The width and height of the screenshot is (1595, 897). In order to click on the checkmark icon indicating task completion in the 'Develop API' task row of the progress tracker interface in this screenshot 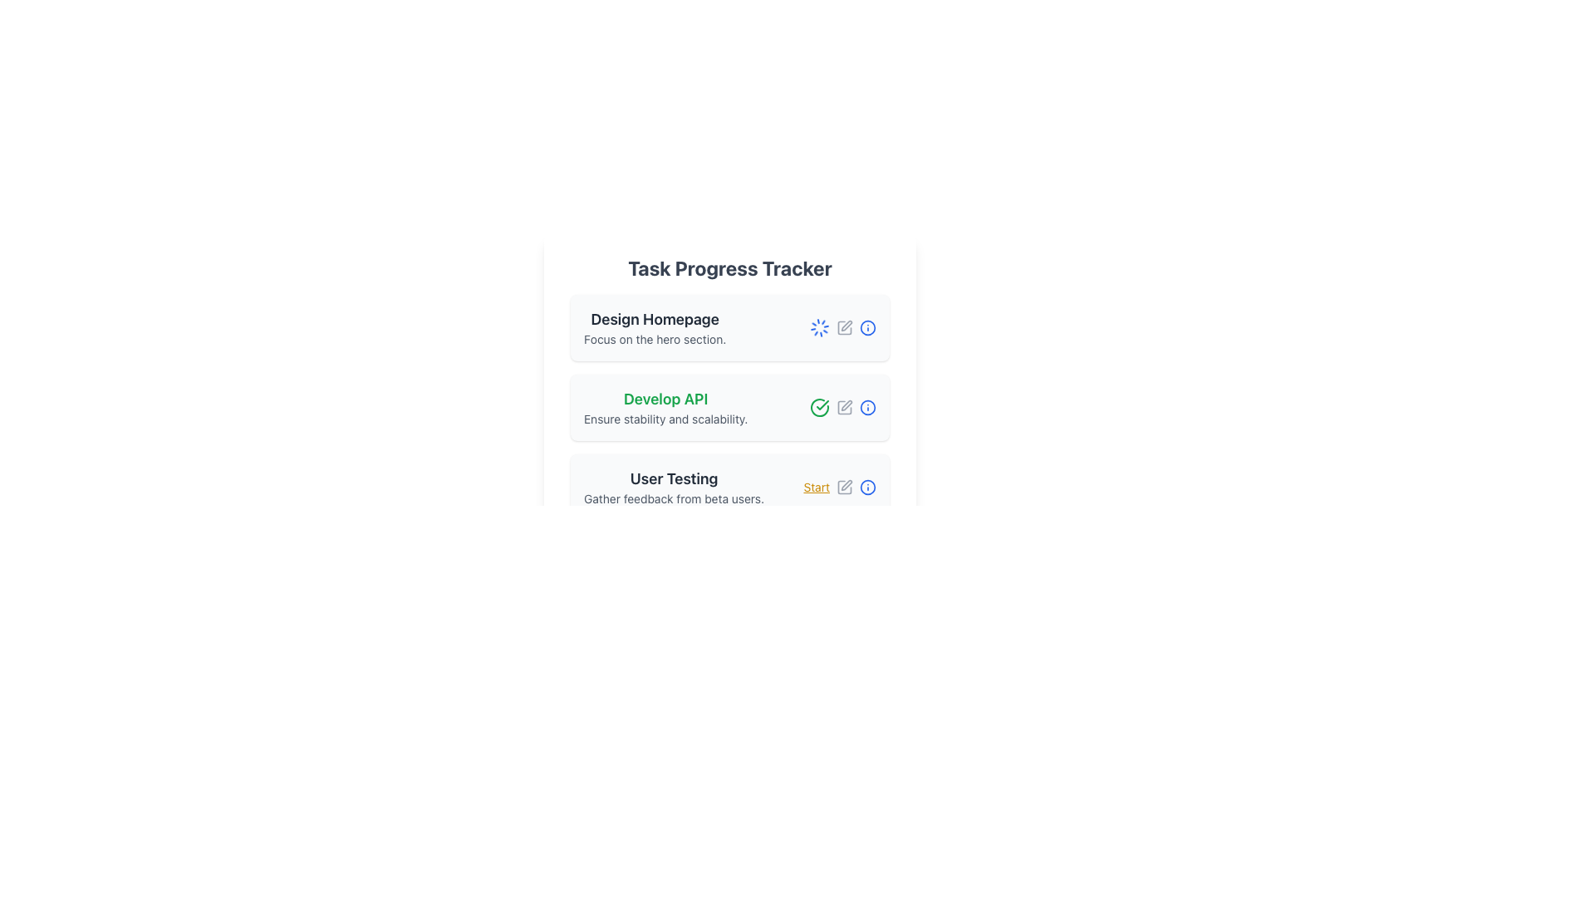, I will do `click(820, 406)`.